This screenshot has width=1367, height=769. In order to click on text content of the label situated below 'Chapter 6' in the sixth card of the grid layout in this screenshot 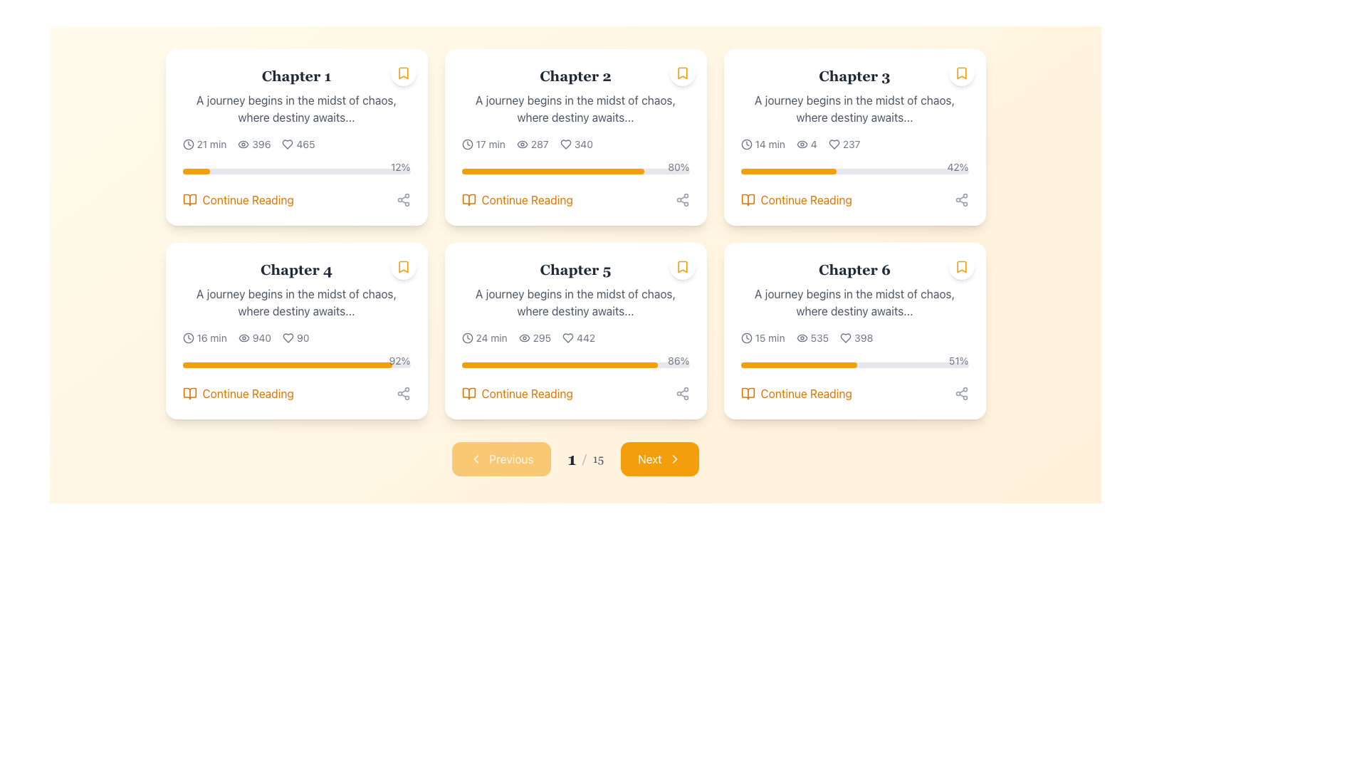, I will do `click(854, 301)`.